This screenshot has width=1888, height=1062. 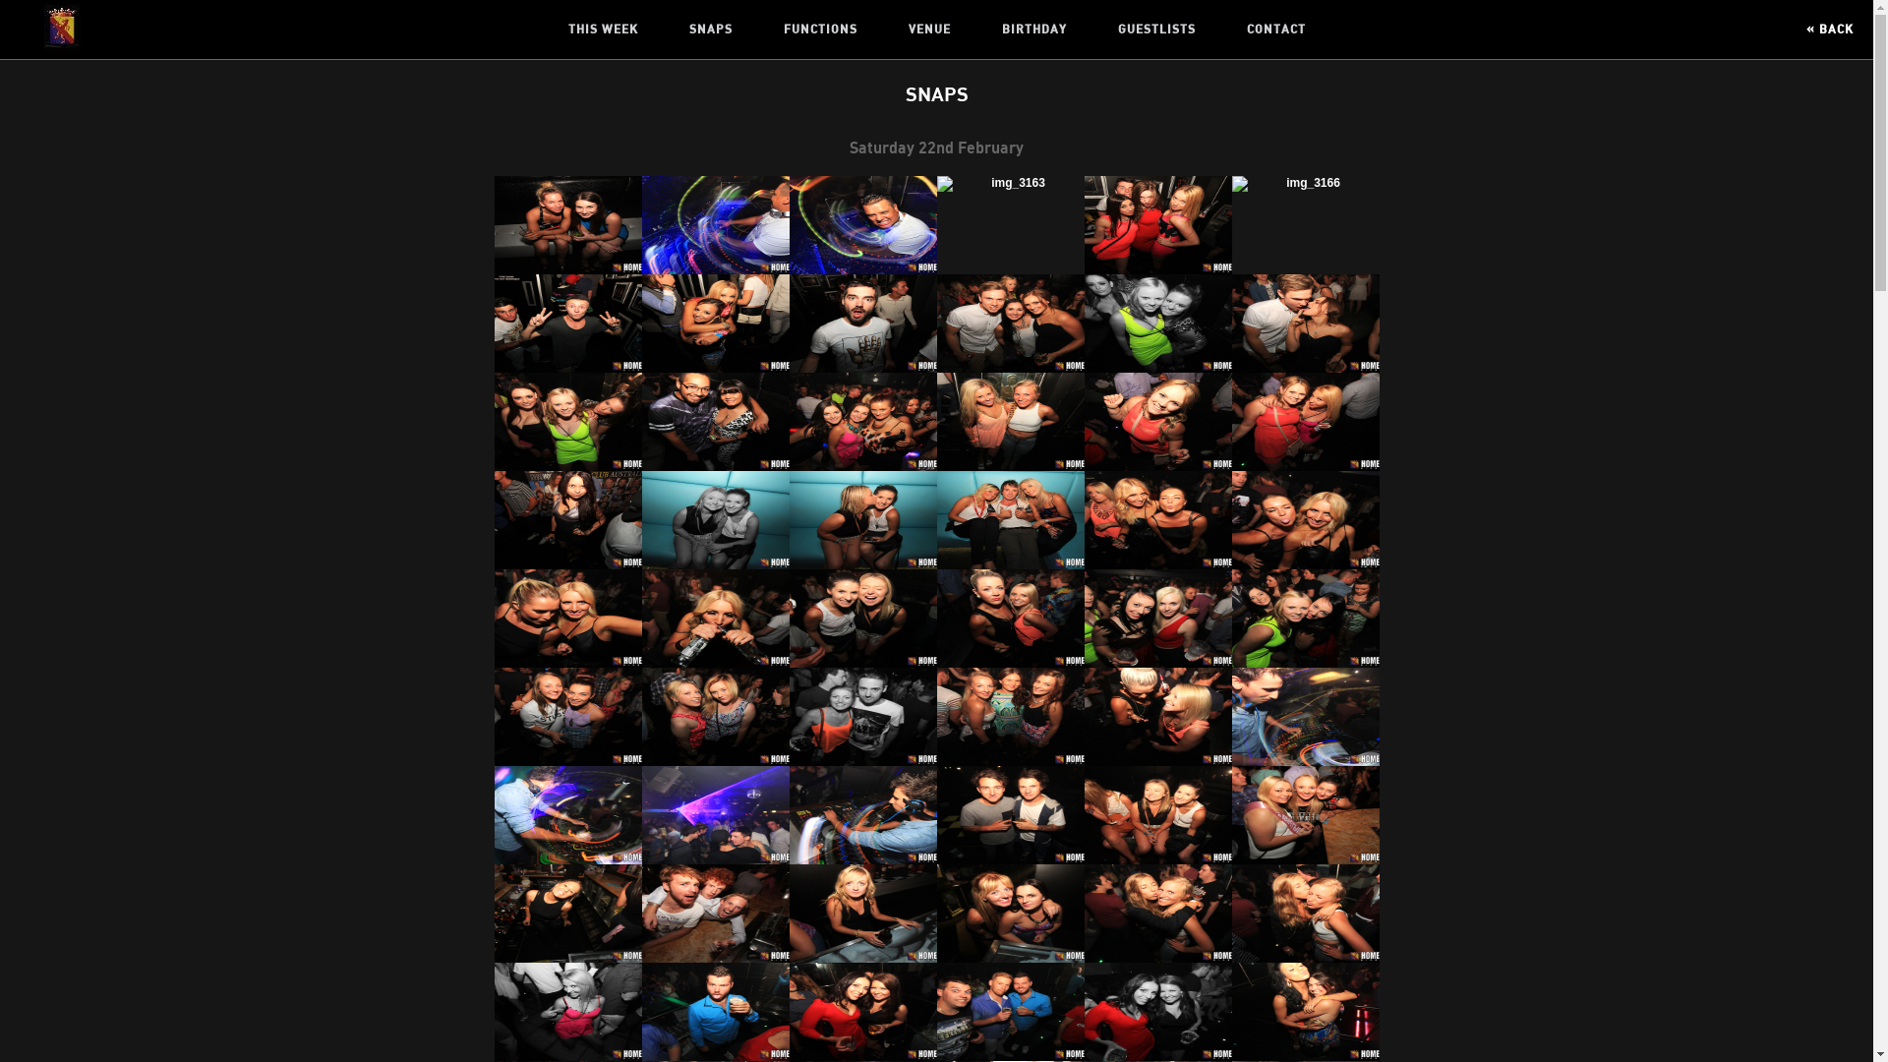 I want to click on 'BIRTHDAY', so click(x=1032, y=29).